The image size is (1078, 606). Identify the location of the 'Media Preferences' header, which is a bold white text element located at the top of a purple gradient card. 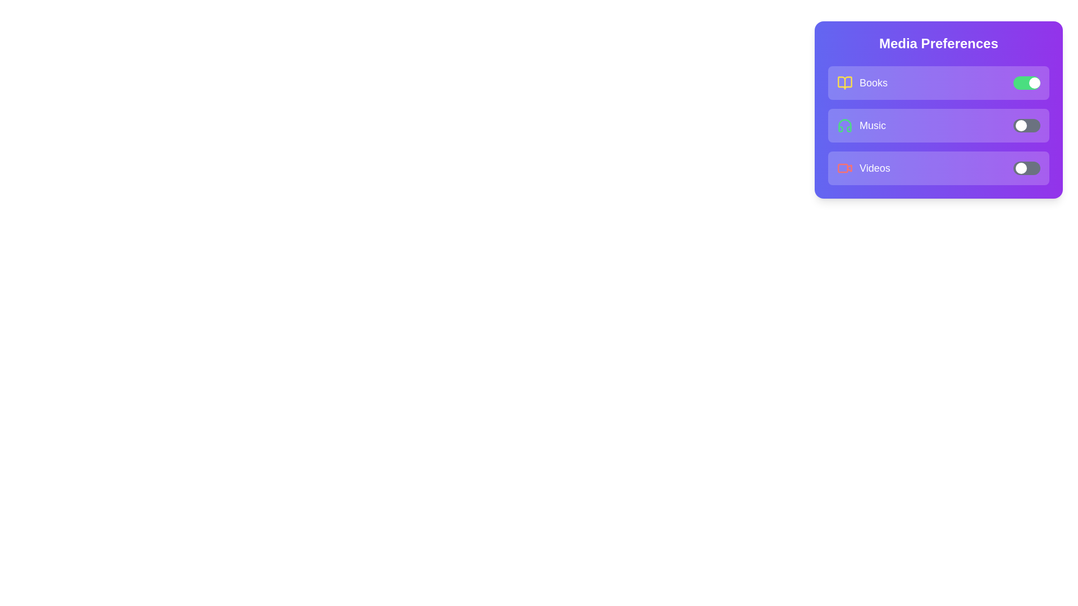
(938, 43).